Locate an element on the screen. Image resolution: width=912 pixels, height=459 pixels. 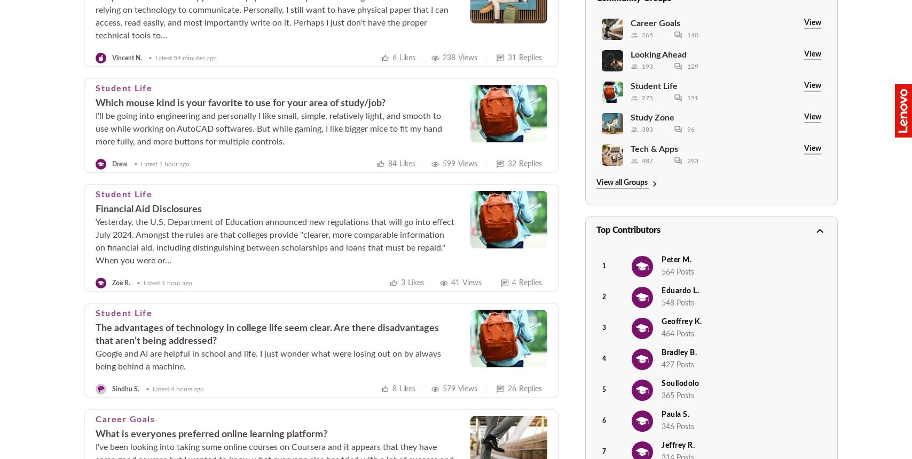
'4' is located at coordinates (602, 358).